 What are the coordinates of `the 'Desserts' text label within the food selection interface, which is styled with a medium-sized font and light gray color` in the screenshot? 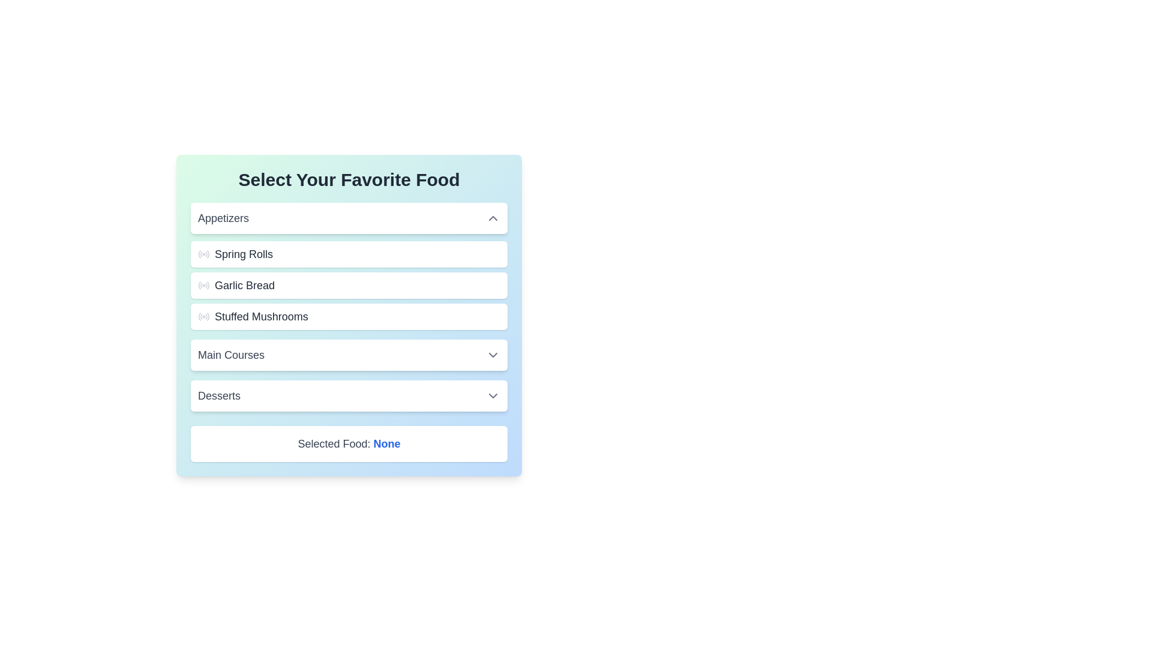 It's located at (219, 395).